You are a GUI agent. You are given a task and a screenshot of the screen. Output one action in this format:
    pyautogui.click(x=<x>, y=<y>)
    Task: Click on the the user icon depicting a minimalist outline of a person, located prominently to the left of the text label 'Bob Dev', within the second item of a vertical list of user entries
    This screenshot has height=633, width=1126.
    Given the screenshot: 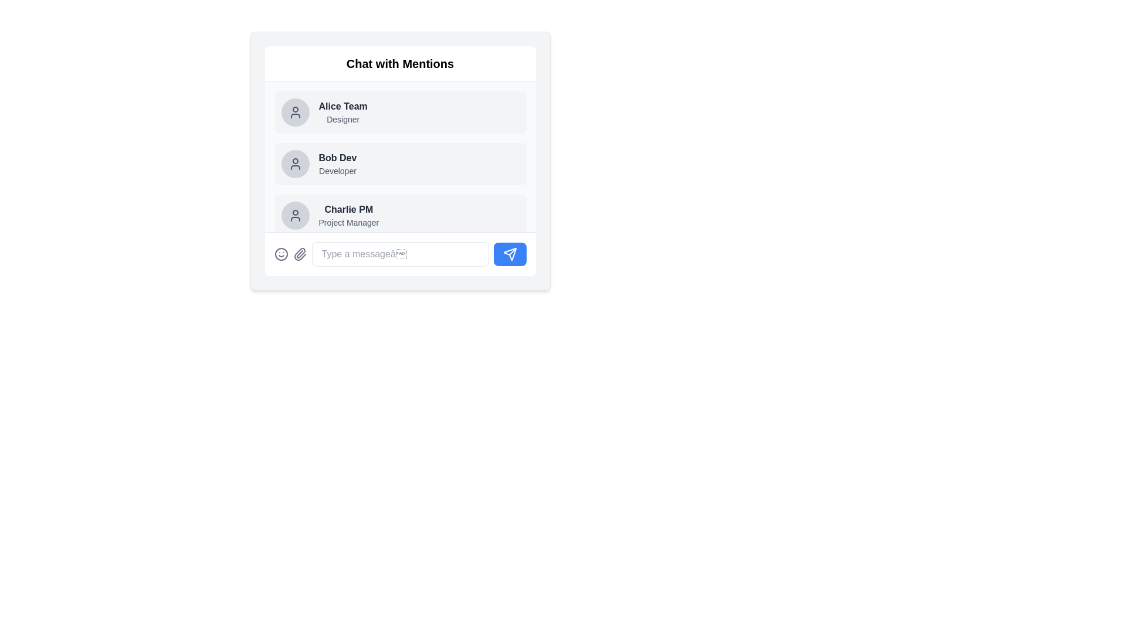 What is the action you would take?
    pyautogui.click(x=295, y=164)
    